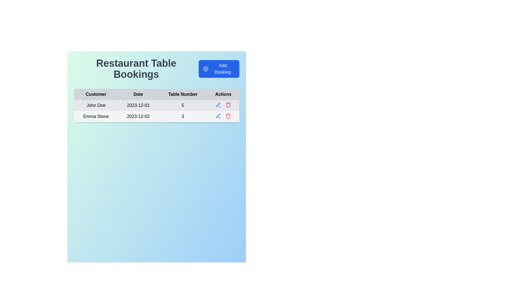  Describe the element at coordinates (228, 105) in the screenshot. I see `the delete button located in the 'Actions' column of the second row in the table` at that location.